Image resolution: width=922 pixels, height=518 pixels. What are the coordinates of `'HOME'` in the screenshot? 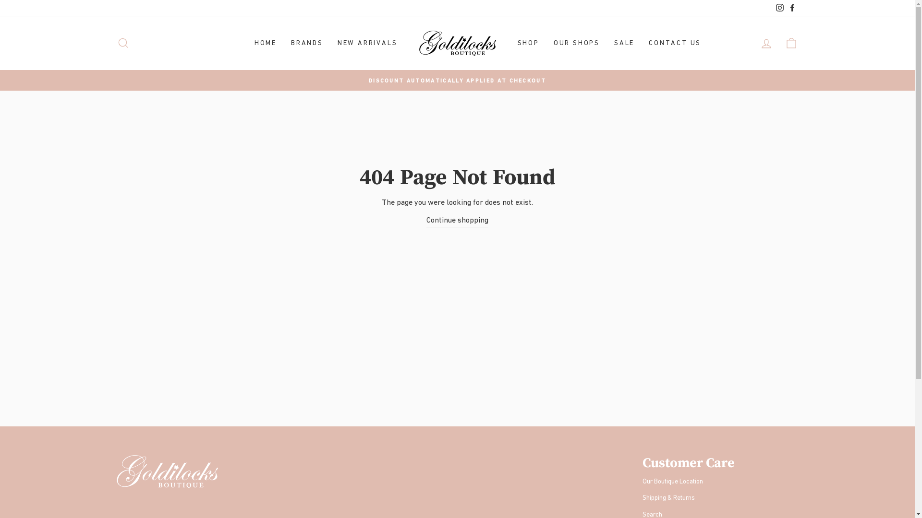 It's located at (265, 43).